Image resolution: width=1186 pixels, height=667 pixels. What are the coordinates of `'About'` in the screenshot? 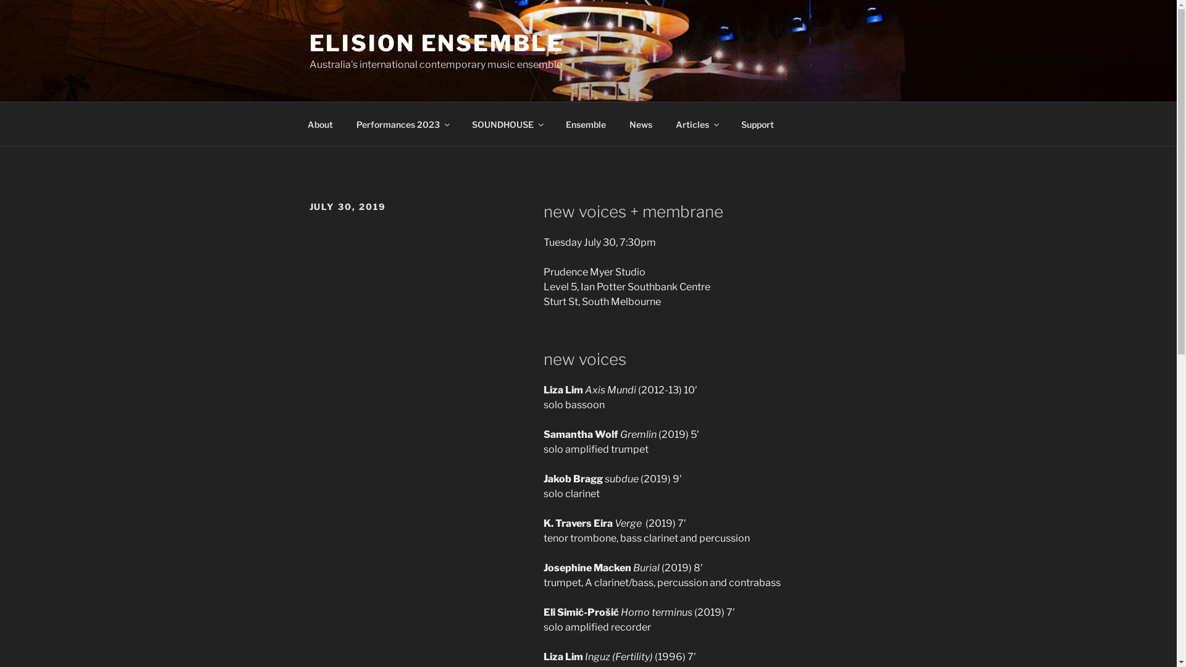 It's located at (320, 124).